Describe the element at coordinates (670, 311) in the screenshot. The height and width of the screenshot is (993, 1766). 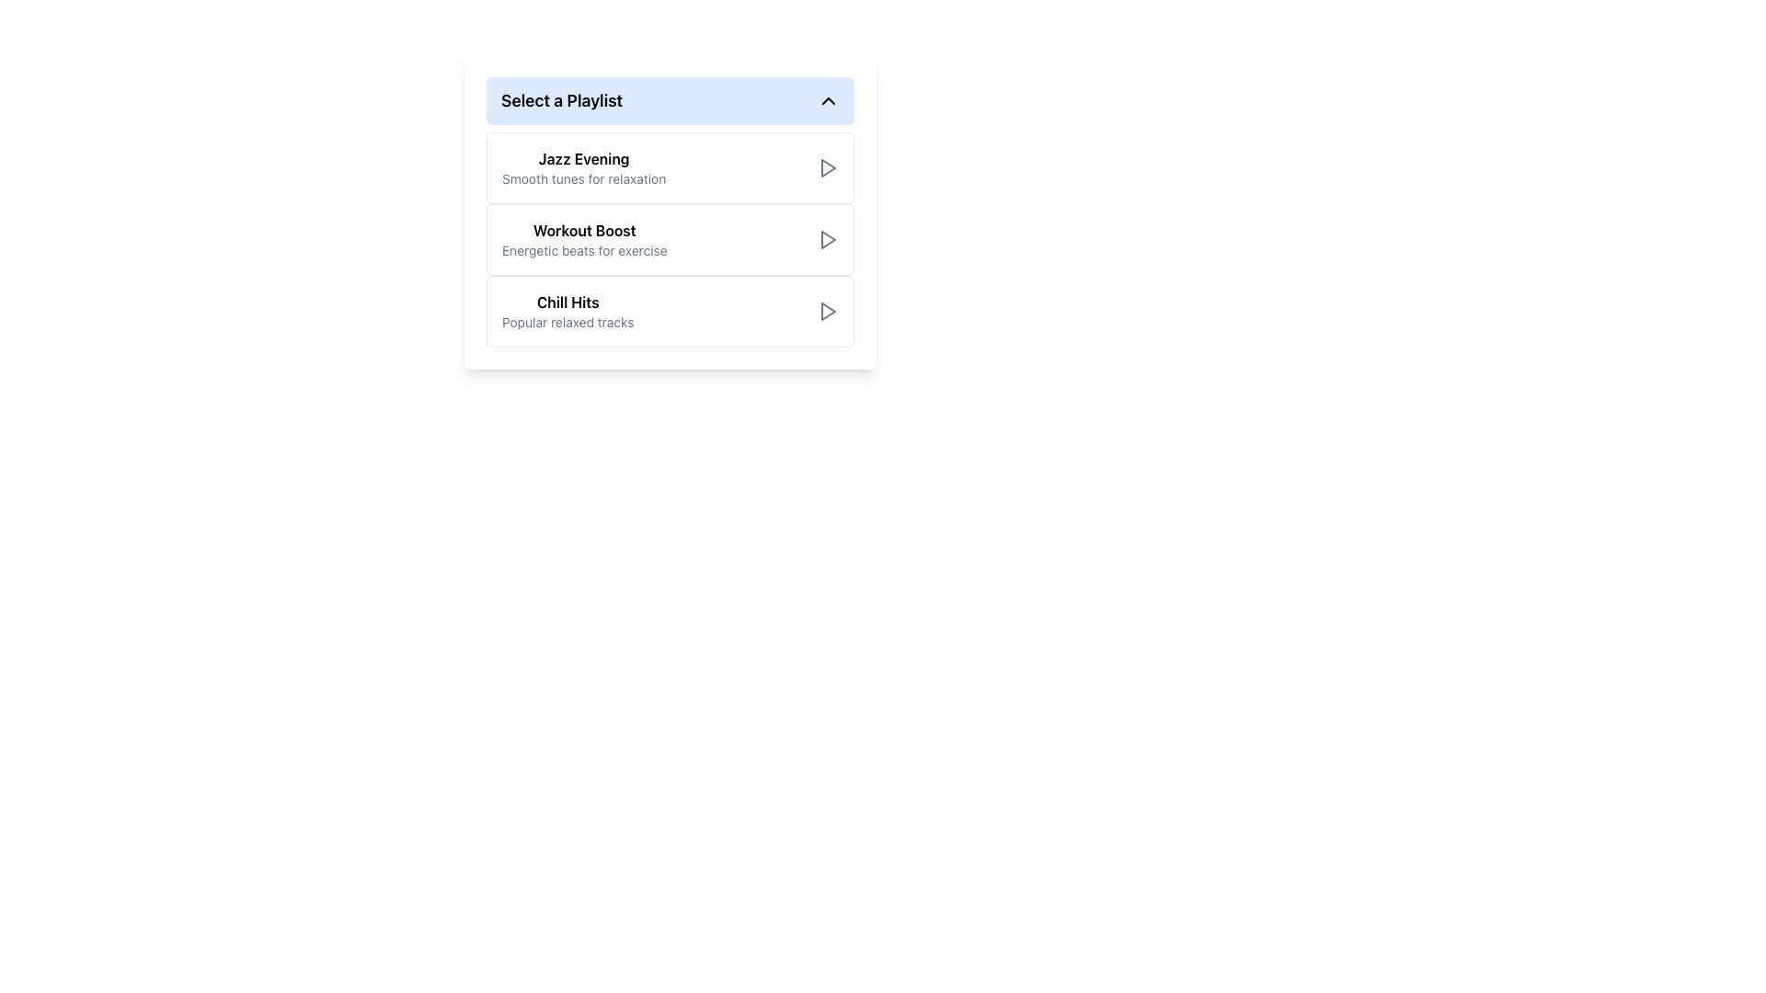
I see `the 'Chill Hits' playlist button` at that location.